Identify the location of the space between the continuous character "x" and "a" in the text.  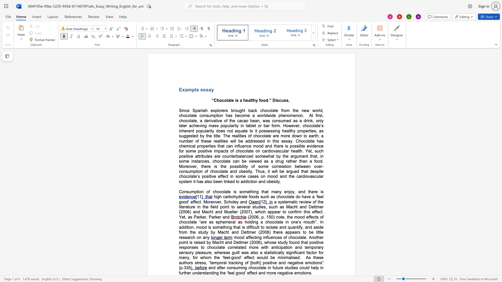
(185, 89).